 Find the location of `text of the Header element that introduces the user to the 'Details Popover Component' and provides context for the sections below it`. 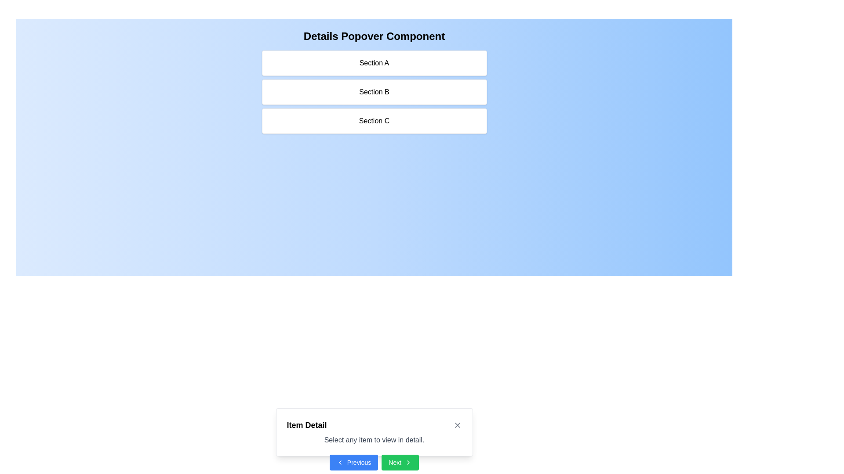

text of the Header element that introduces the user to the 'Details Popover Component' and provides context for the sections below it is located at coordinates (374, 36).